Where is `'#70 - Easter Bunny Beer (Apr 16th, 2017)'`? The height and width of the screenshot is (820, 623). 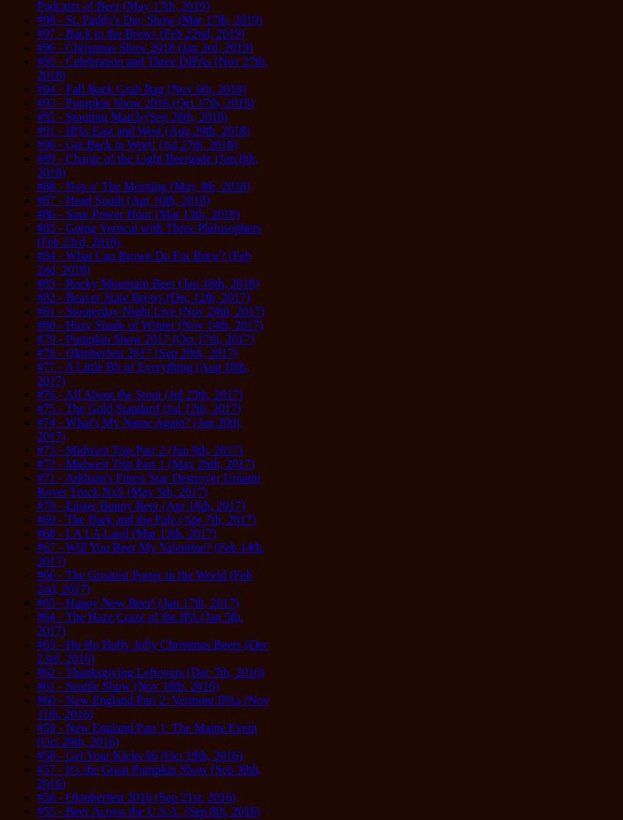 '#70 - Easter Bunny Beer (Apr 16th, 2017)' is located at coordinates (36, 504).